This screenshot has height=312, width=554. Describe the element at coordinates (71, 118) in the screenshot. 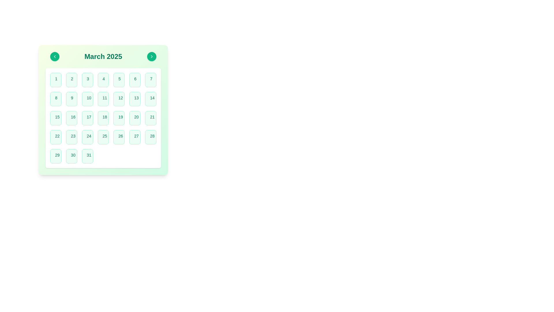

I see `the Calendar date cell displaying the number '16' for keyboard navigation` at that location.